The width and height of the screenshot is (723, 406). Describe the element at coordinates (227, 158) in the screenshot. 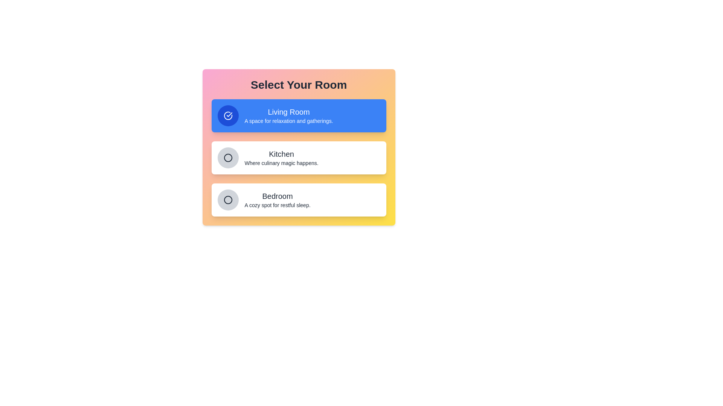

I see `the circular icon with a dark gray border, which is part of the 'Kitchen' list item, located centrally in the interface` at that location.